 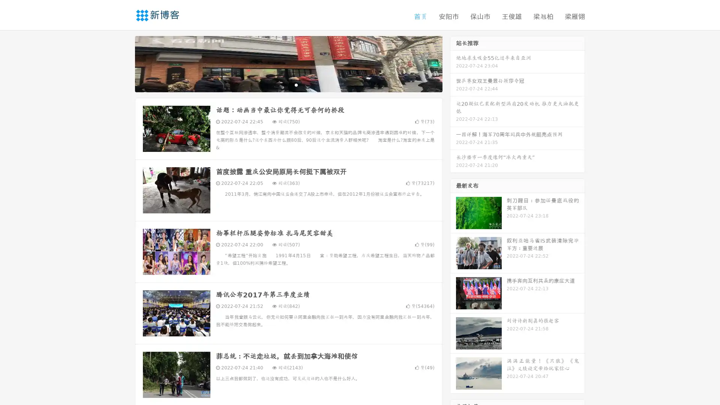 What do you see at coordinates (453, 63) in the screenshot?
I see `Next slide` at bounding box center [453, 63].